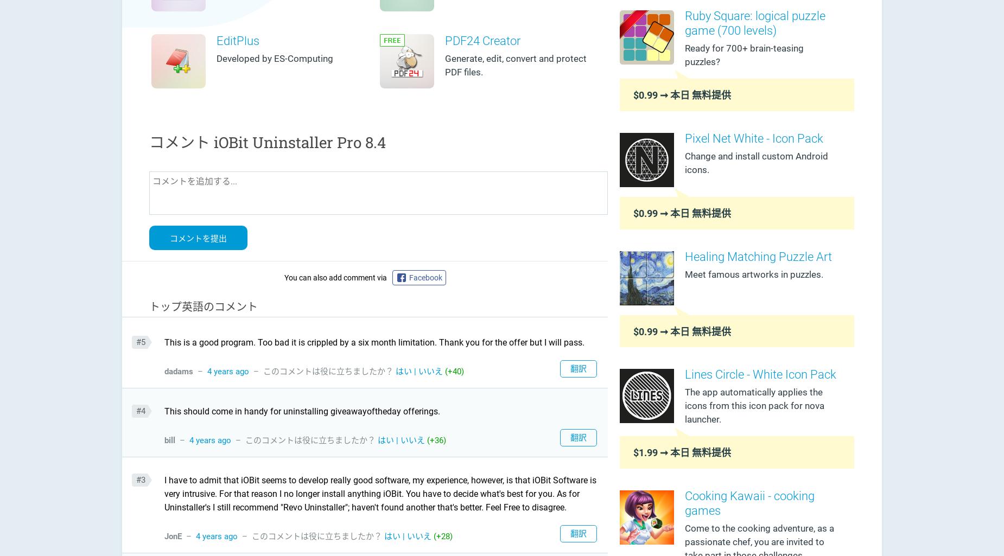 The image size is (1004, 556). What do you see at coordinates (754, 137) in the screenshot?
I see `'Pixel Net White - Icon Pack'` at bounding box center [754, 137].